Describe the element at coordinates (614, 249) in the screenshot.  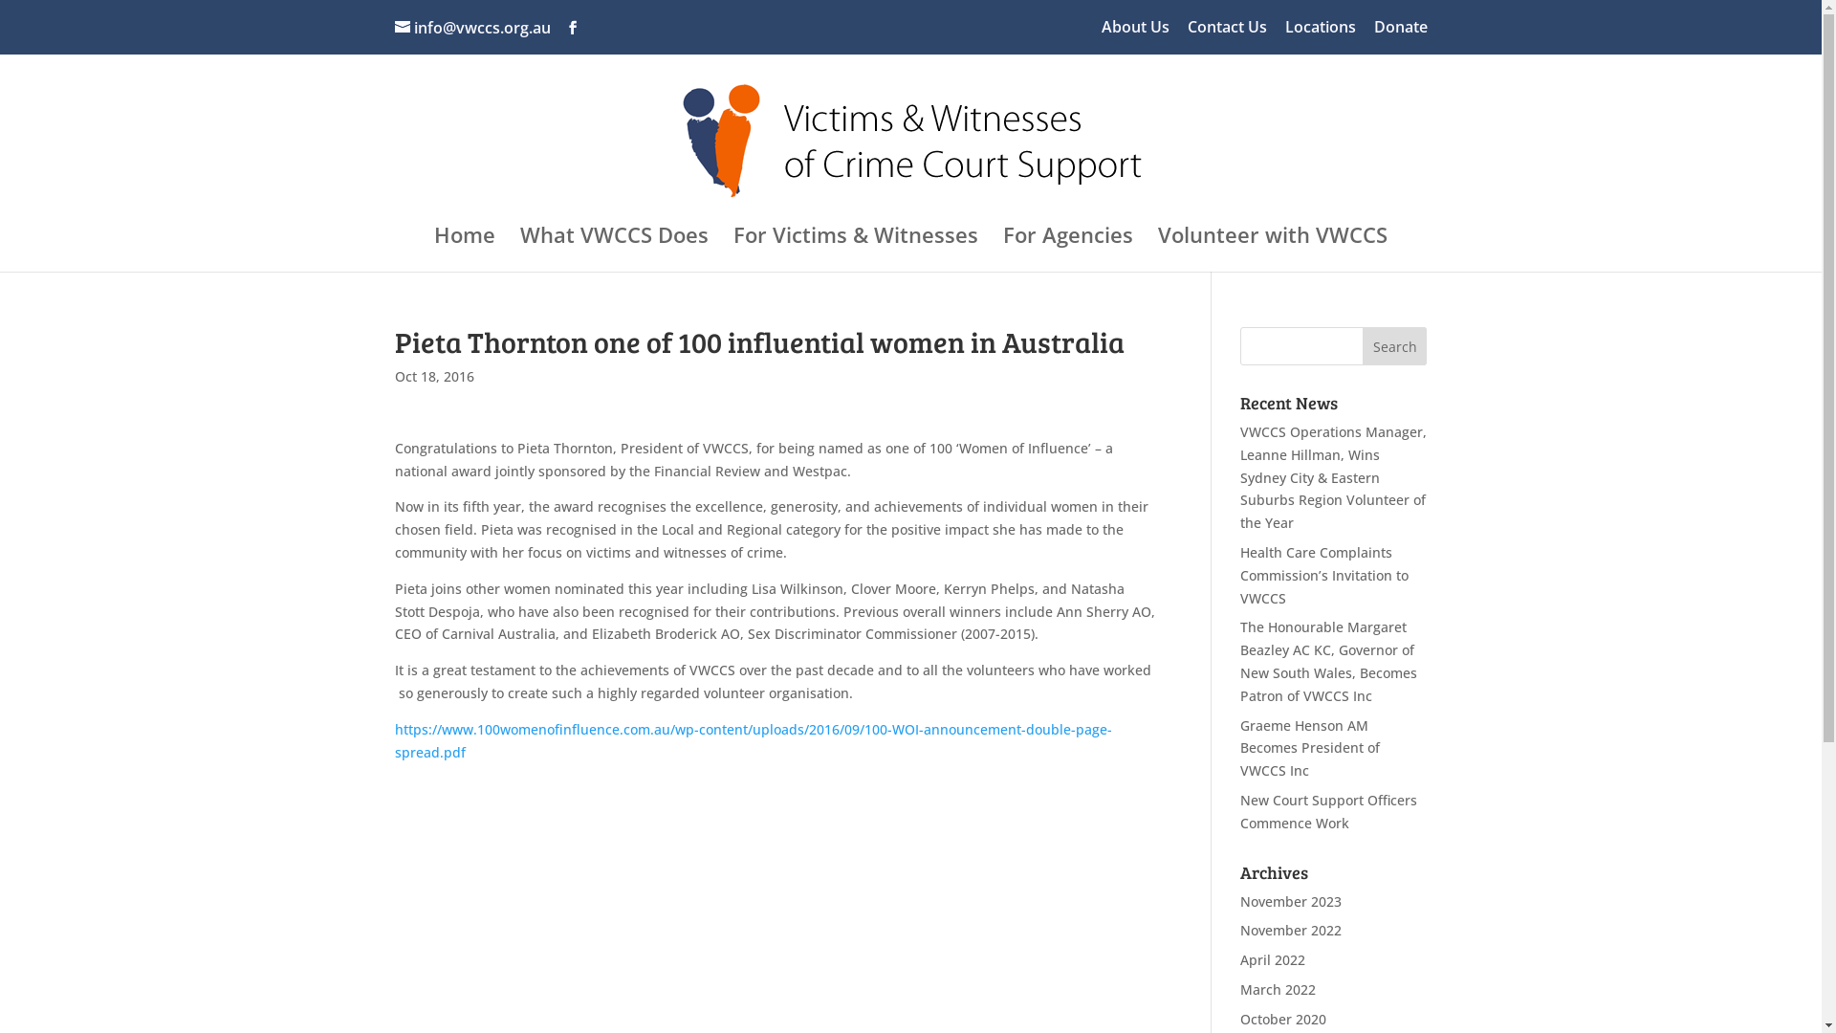
I see `'What VWCCS Does'` at that location.